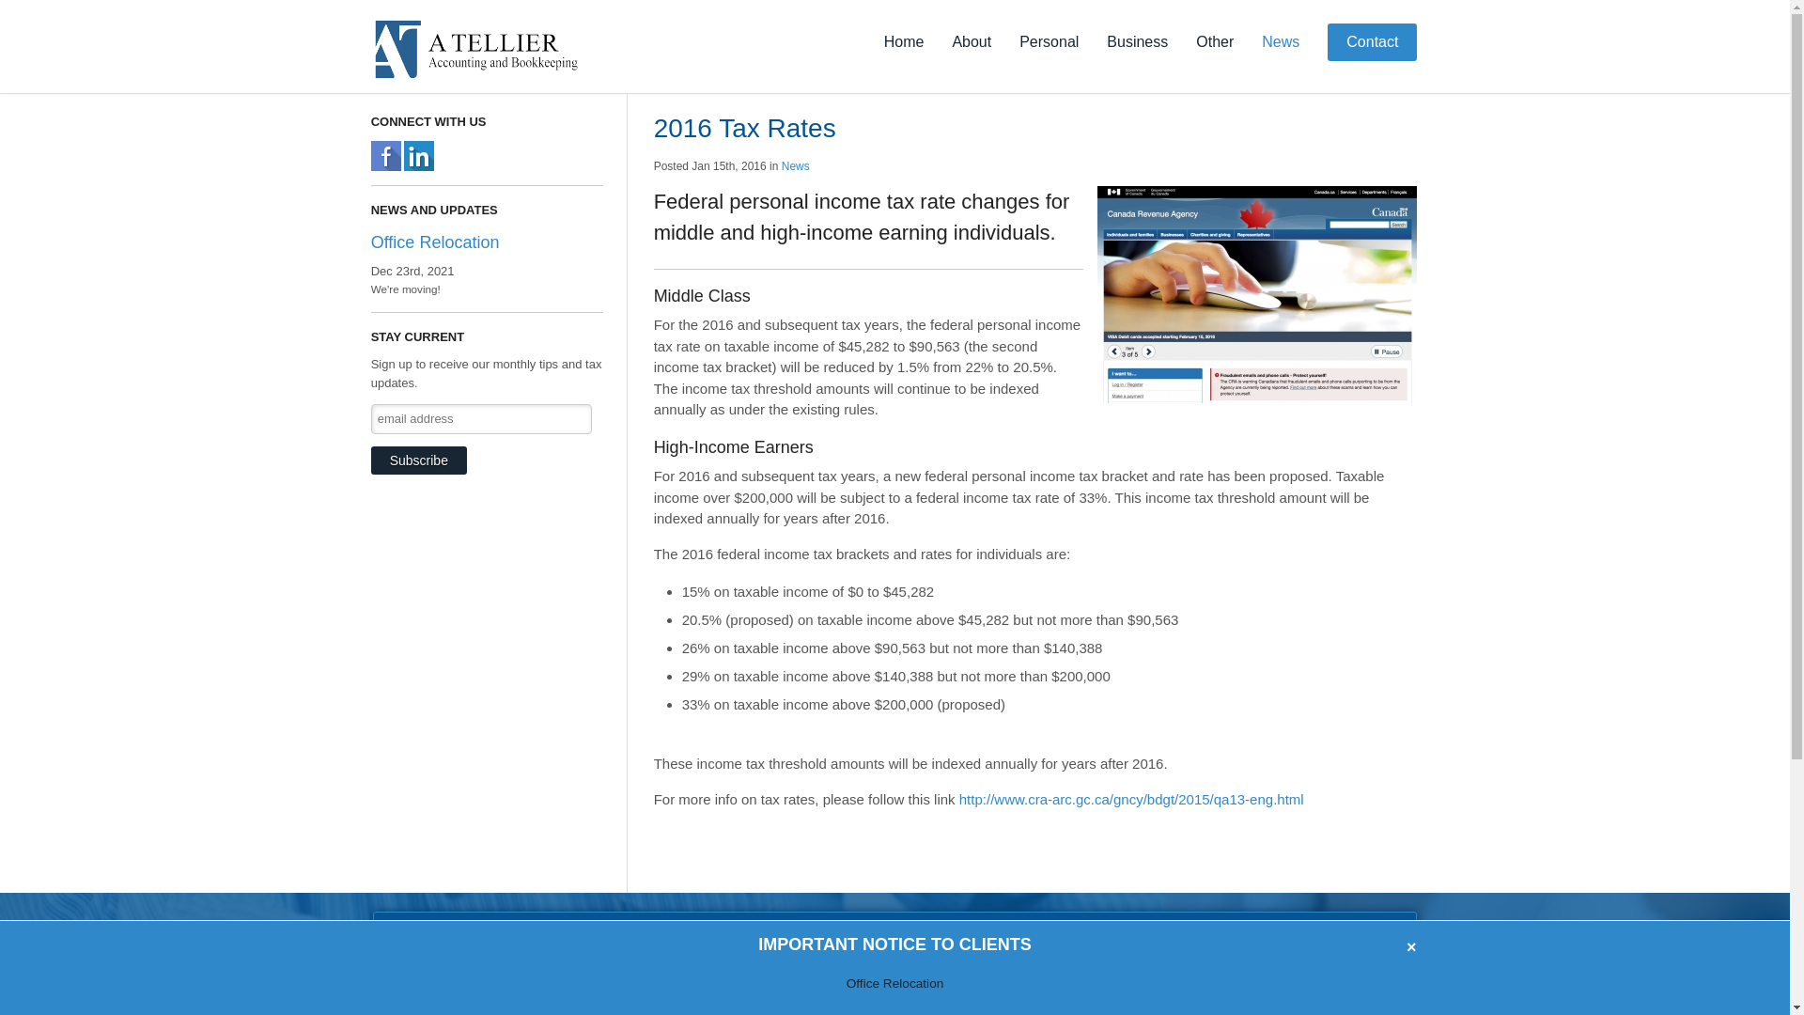  What do you see at coordinates (1136, 42) in the screenshot?
I see `'Business'` at bounding box center [1136, 42].